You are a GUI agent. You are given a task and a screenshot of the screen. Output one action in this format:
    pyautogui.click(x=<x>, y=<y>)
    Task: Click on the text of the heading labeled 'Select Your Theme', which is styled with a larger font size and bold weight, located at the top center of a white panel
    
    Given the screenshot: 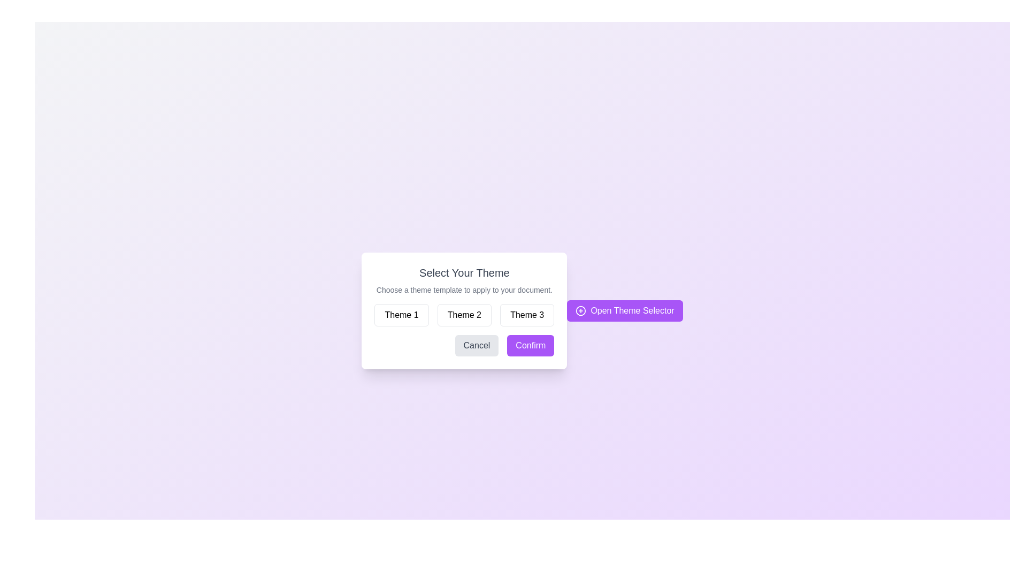 What is the action you would take?
    pyautogui.click(x=464, y=272)
    